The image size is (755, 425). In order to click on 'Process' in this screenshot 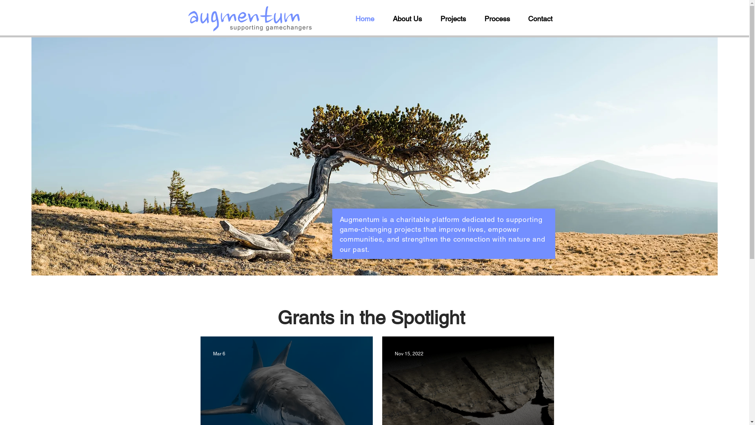, I will do `click(499, 18)`.